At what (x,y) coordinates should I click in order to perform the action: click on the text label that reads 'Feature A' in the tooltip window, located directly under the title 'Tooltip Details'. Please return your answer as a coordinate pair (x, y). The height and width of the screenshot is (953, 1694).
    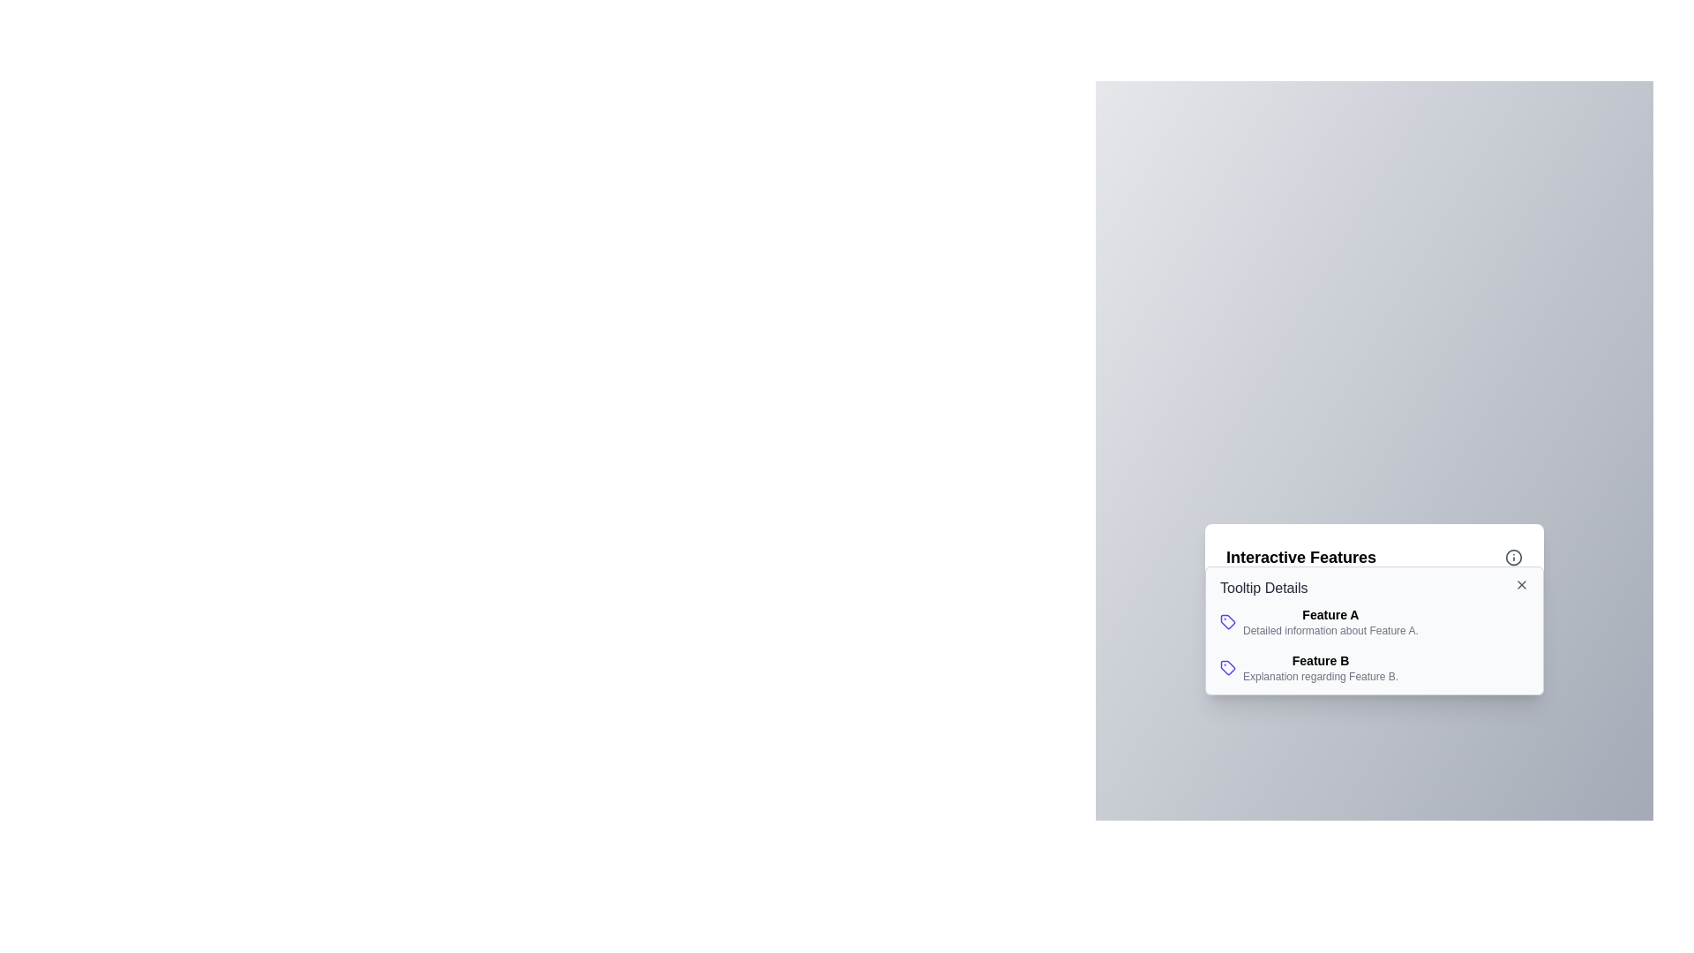
    Looking at the image, I should click on (1330, 614).